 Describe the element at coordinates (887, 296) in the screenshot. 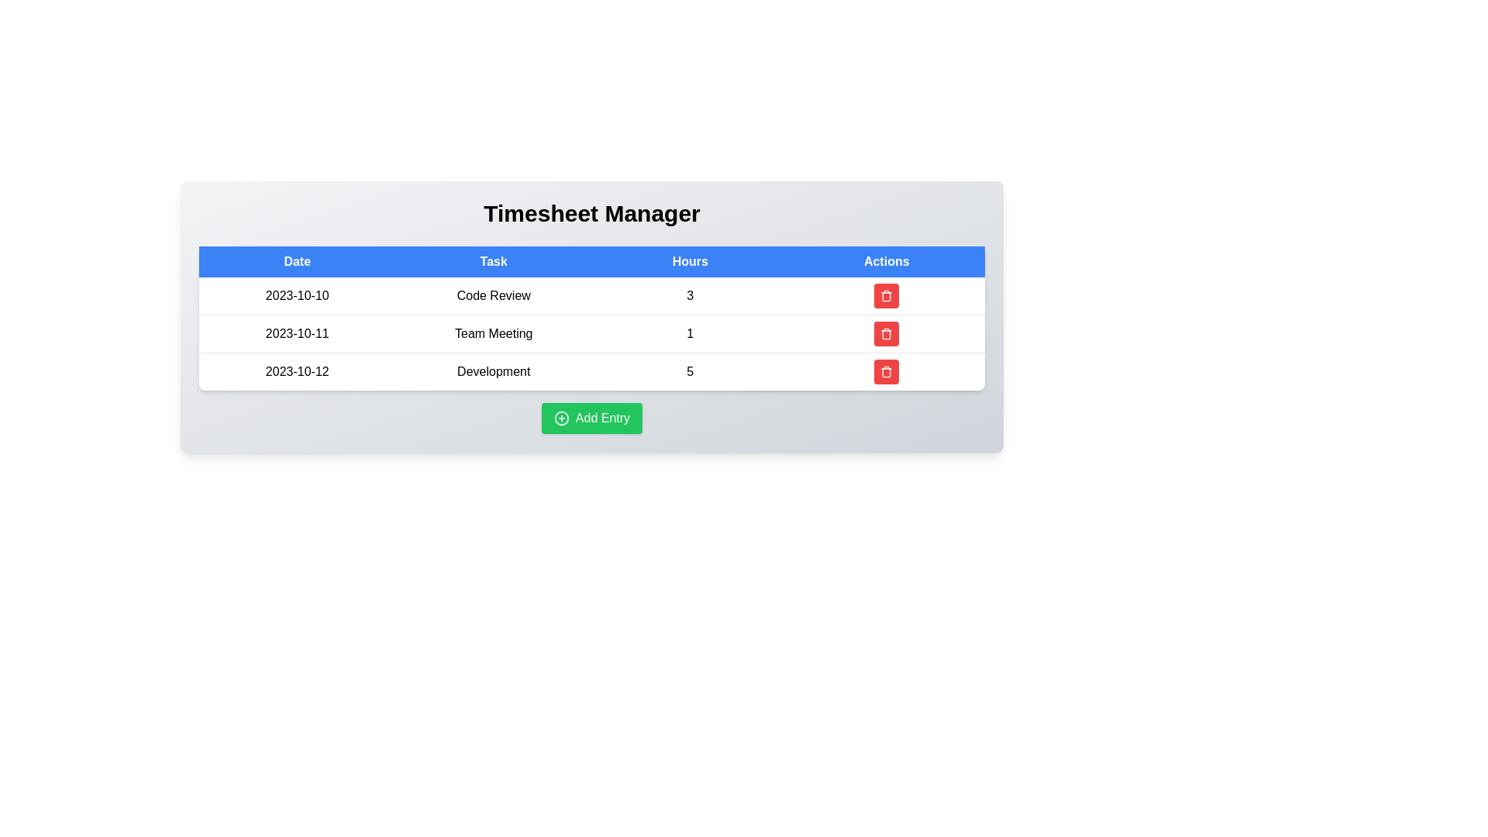

I see `the delete button with a red background and trash icon located in the last column of the first row under the 'Actions' header` at that location.